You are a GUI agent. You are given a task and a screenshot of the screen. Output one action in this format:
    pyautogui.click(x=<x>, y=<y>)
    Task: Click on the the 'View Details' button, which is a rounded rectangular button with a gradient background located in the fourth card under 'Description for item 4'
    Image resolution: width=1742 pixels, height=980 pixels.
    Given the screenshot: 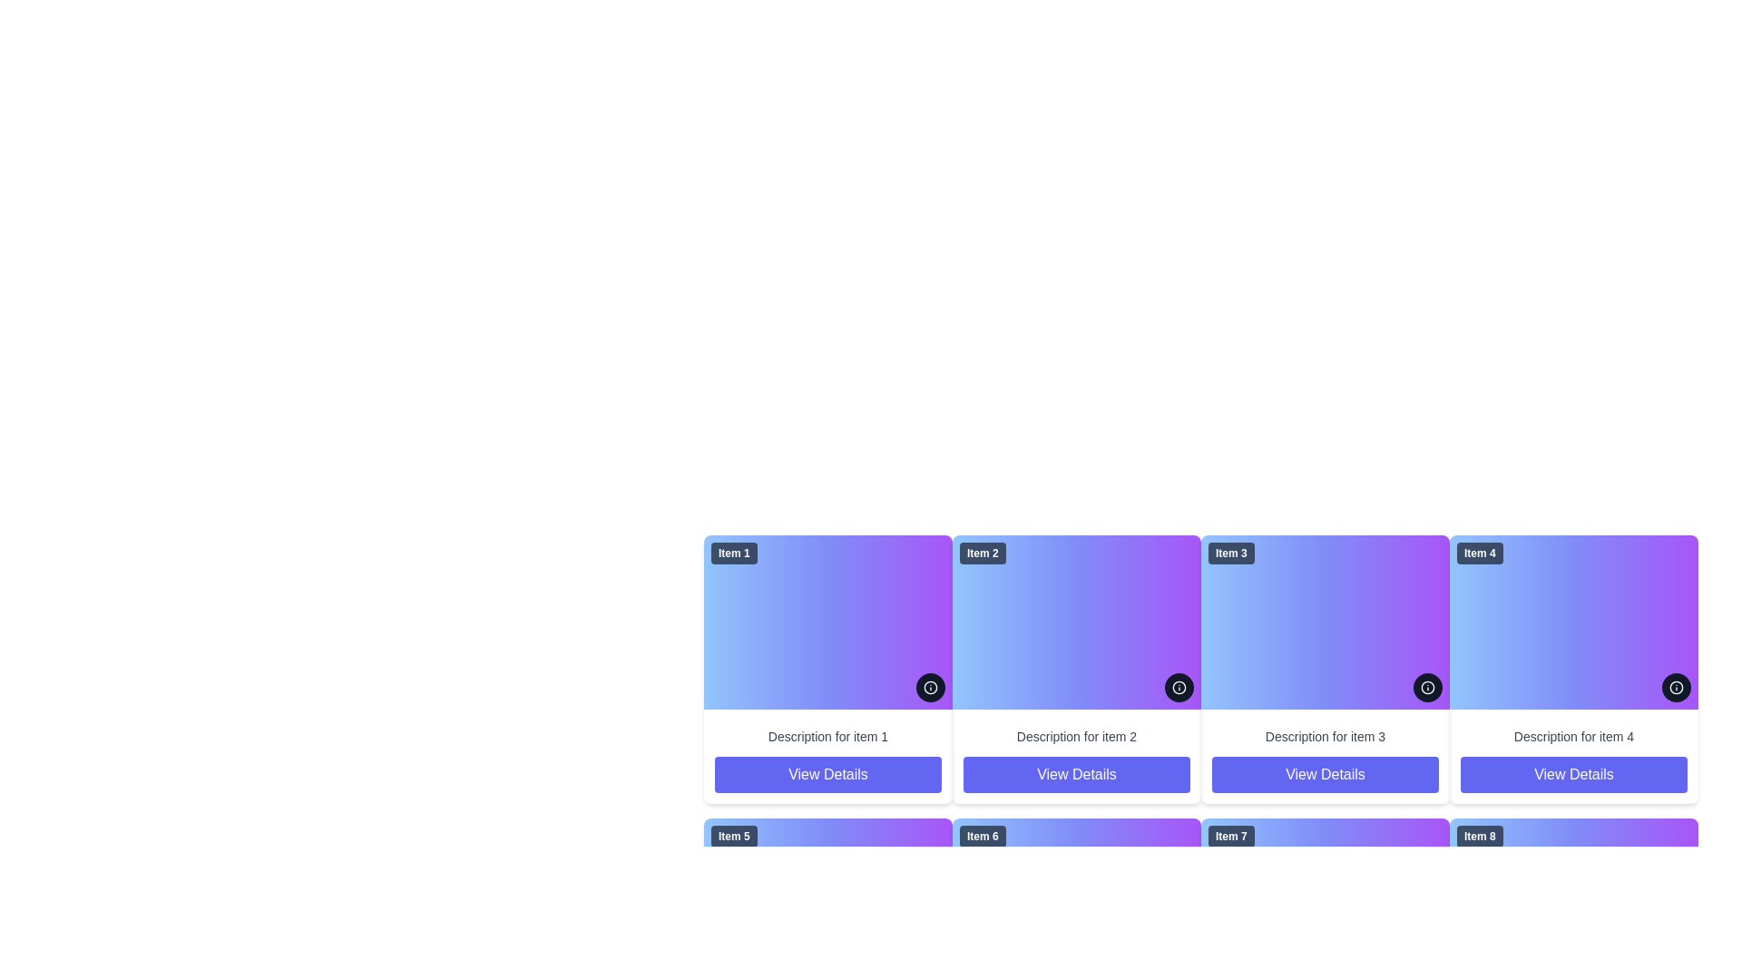 What is the action you would take?
    pyautogui.click(x=1572, y=774)
    